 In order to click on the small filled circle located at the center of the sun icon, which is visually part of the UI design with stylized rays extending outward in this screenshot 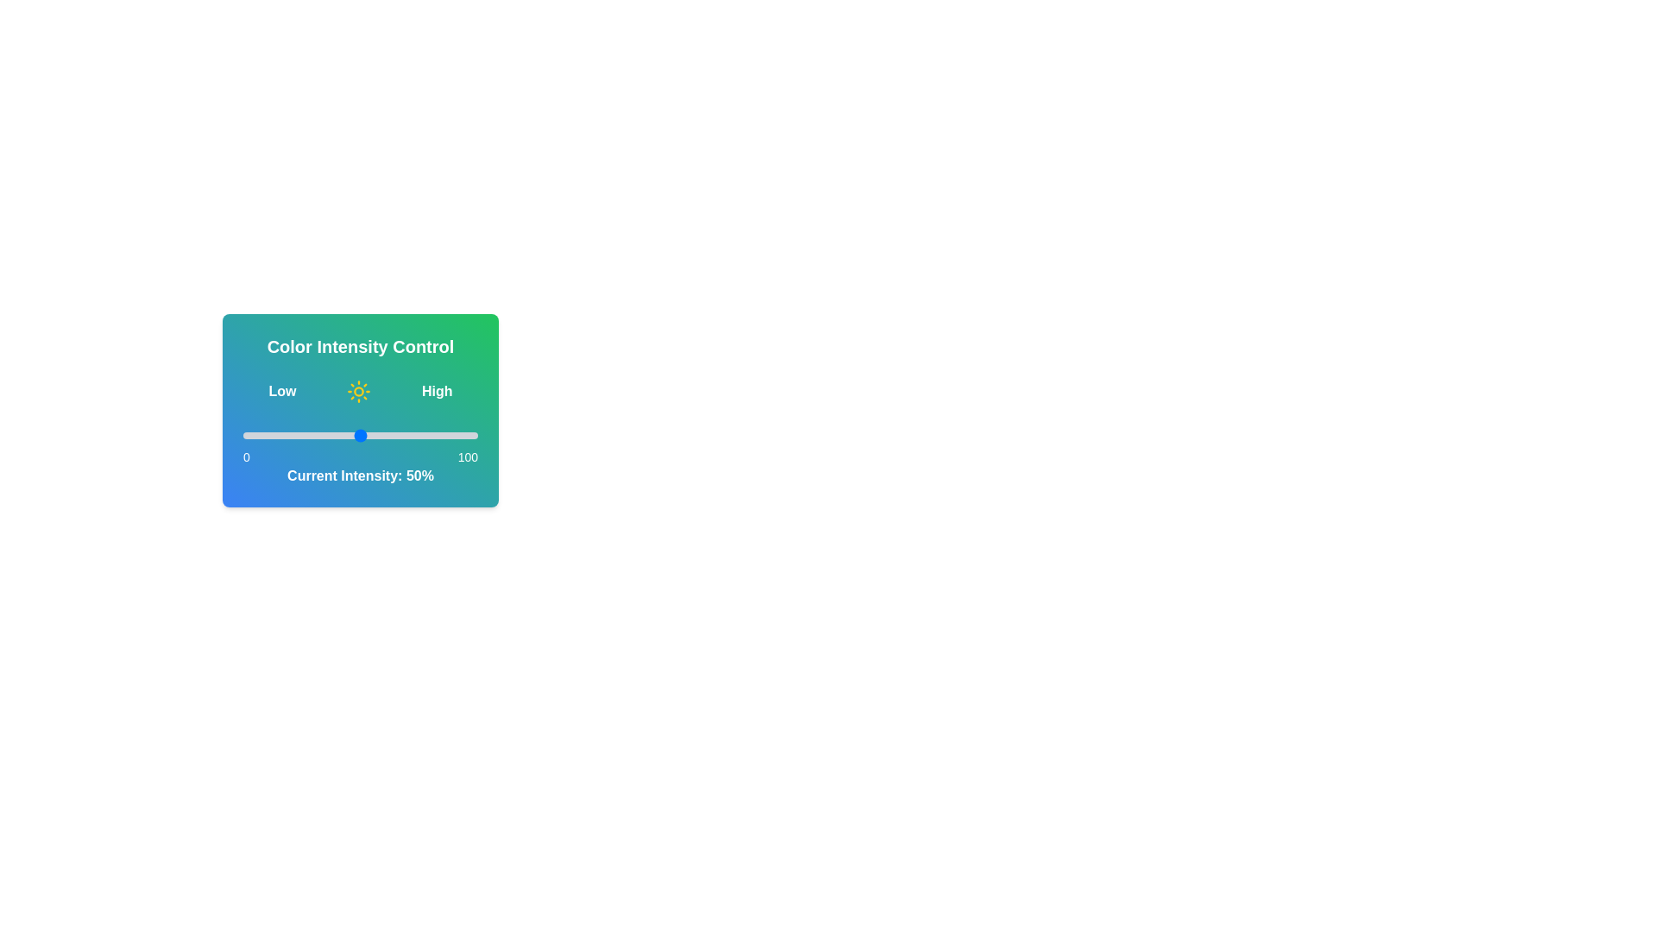, I will do `click(358, 392)`.